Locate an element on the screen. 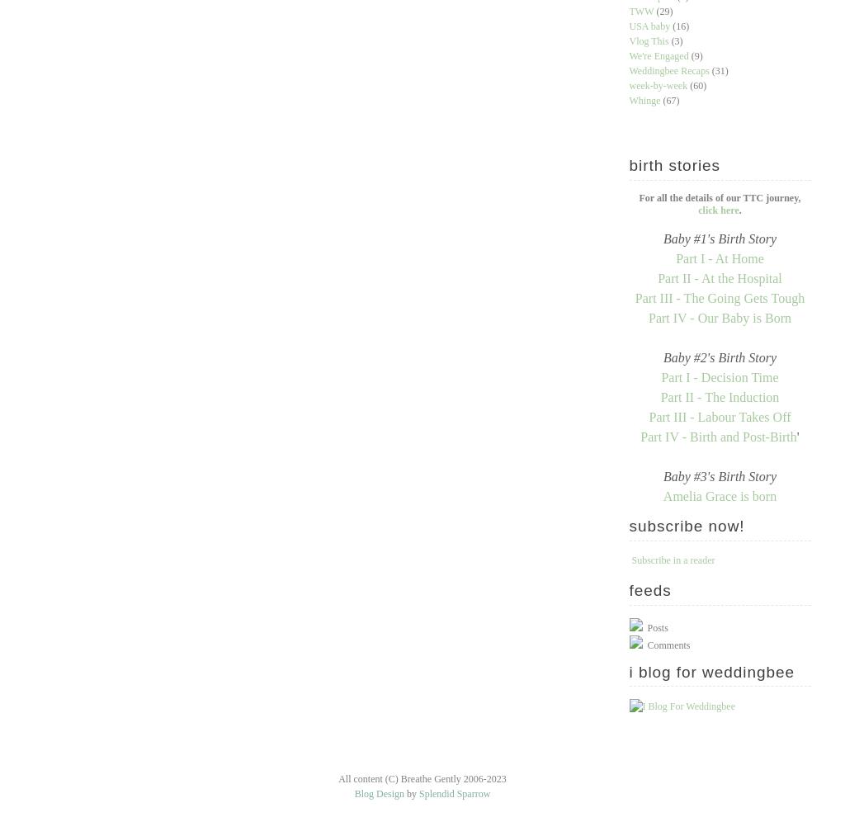 This screenshot has width=845, height=836. 'Part I - Decision Time' is located at coordinates (720, 376).